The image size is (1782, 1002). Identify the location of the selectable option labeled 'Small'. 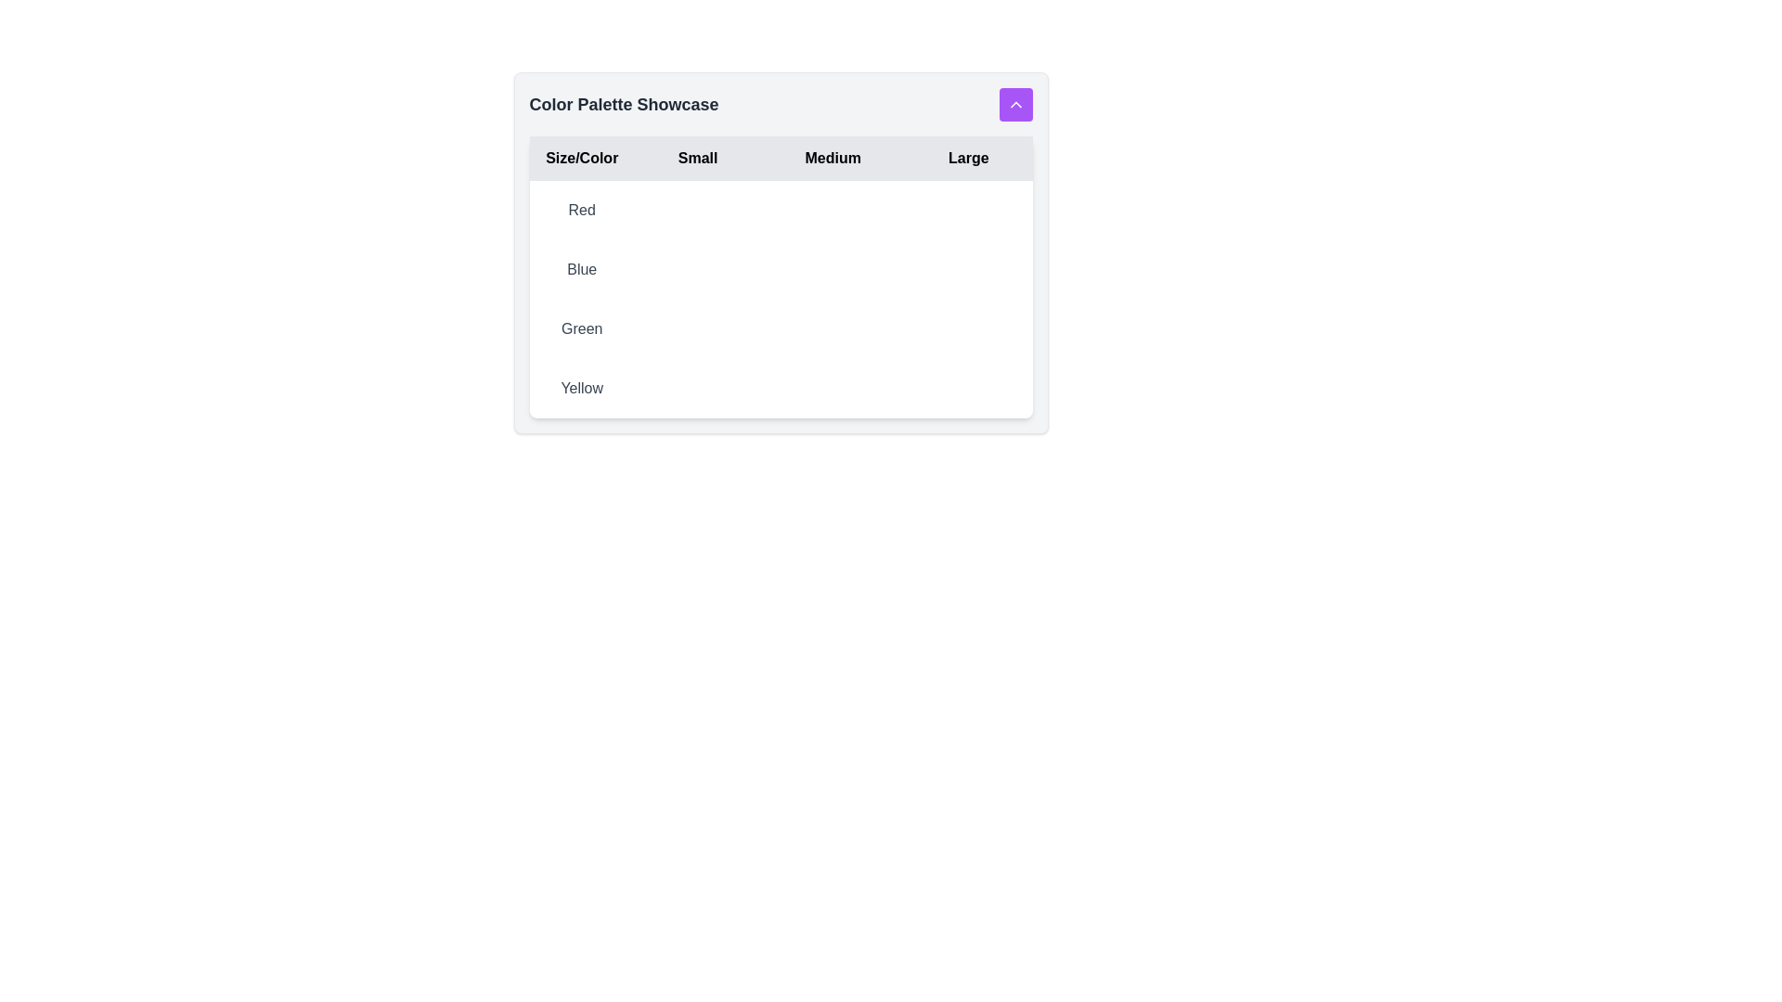
(697, 157).